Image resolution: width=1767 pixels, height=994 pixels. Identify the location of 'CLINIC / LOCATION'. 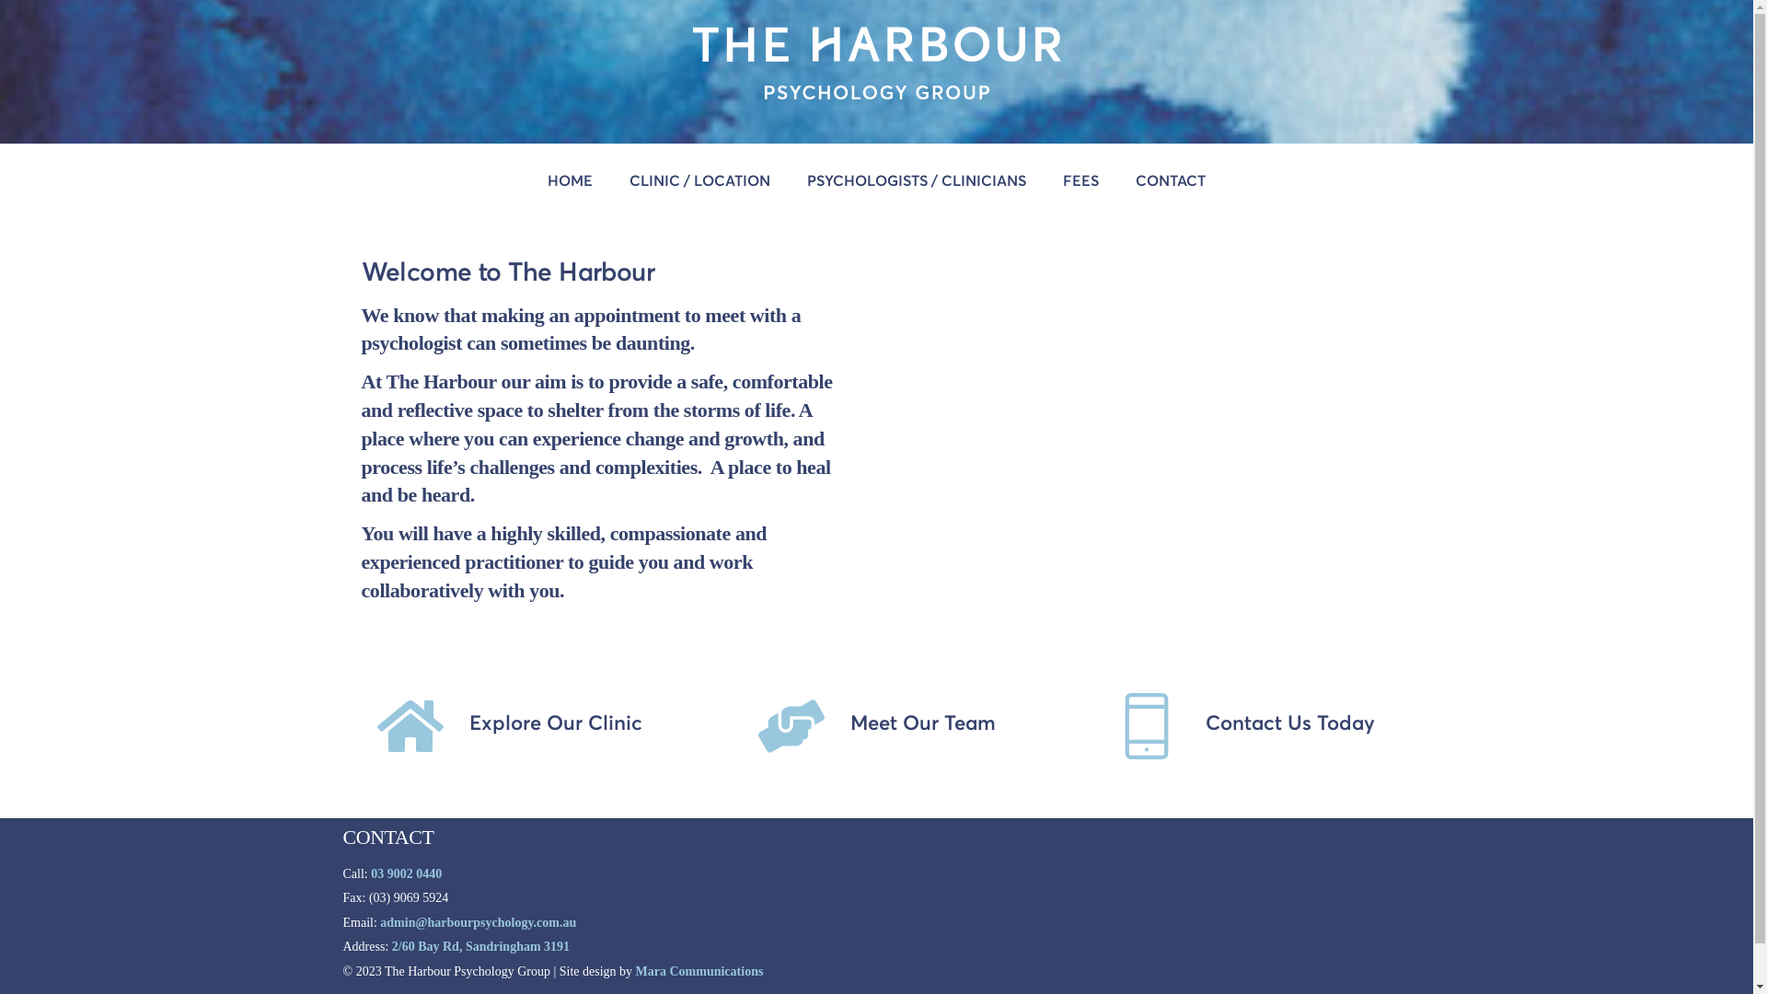
(699, 180).